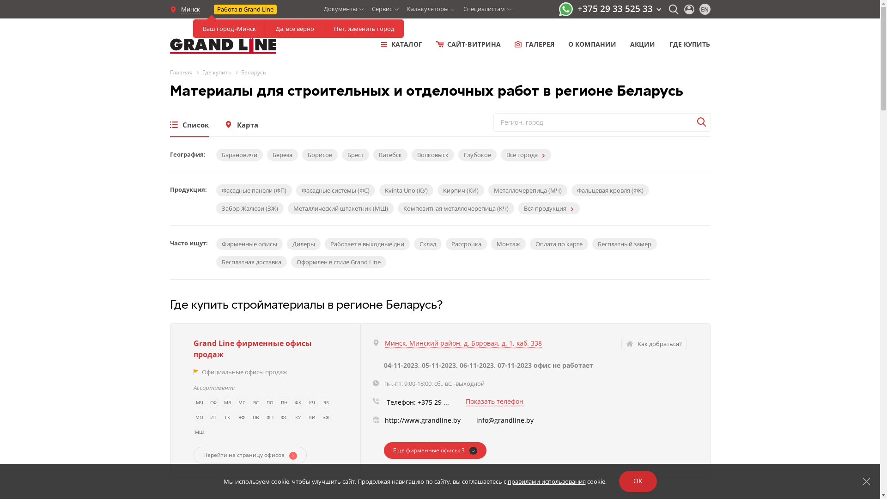 The height and width of the screenshot is (499, 887). Describe the element at coordinates (384, 420) in the screenshot. I see `'http://www.grandline.by'` at that location.